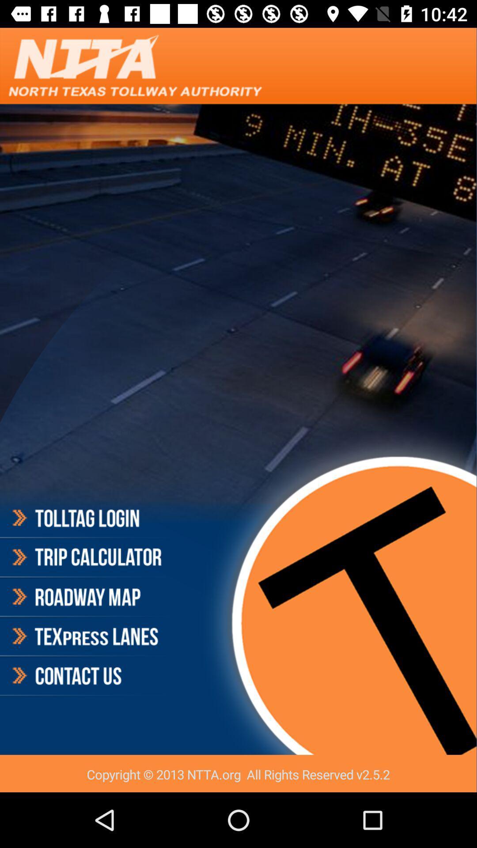  Describe the element at coordinates (86, 597) in the screenshot. I see `map` at that location.